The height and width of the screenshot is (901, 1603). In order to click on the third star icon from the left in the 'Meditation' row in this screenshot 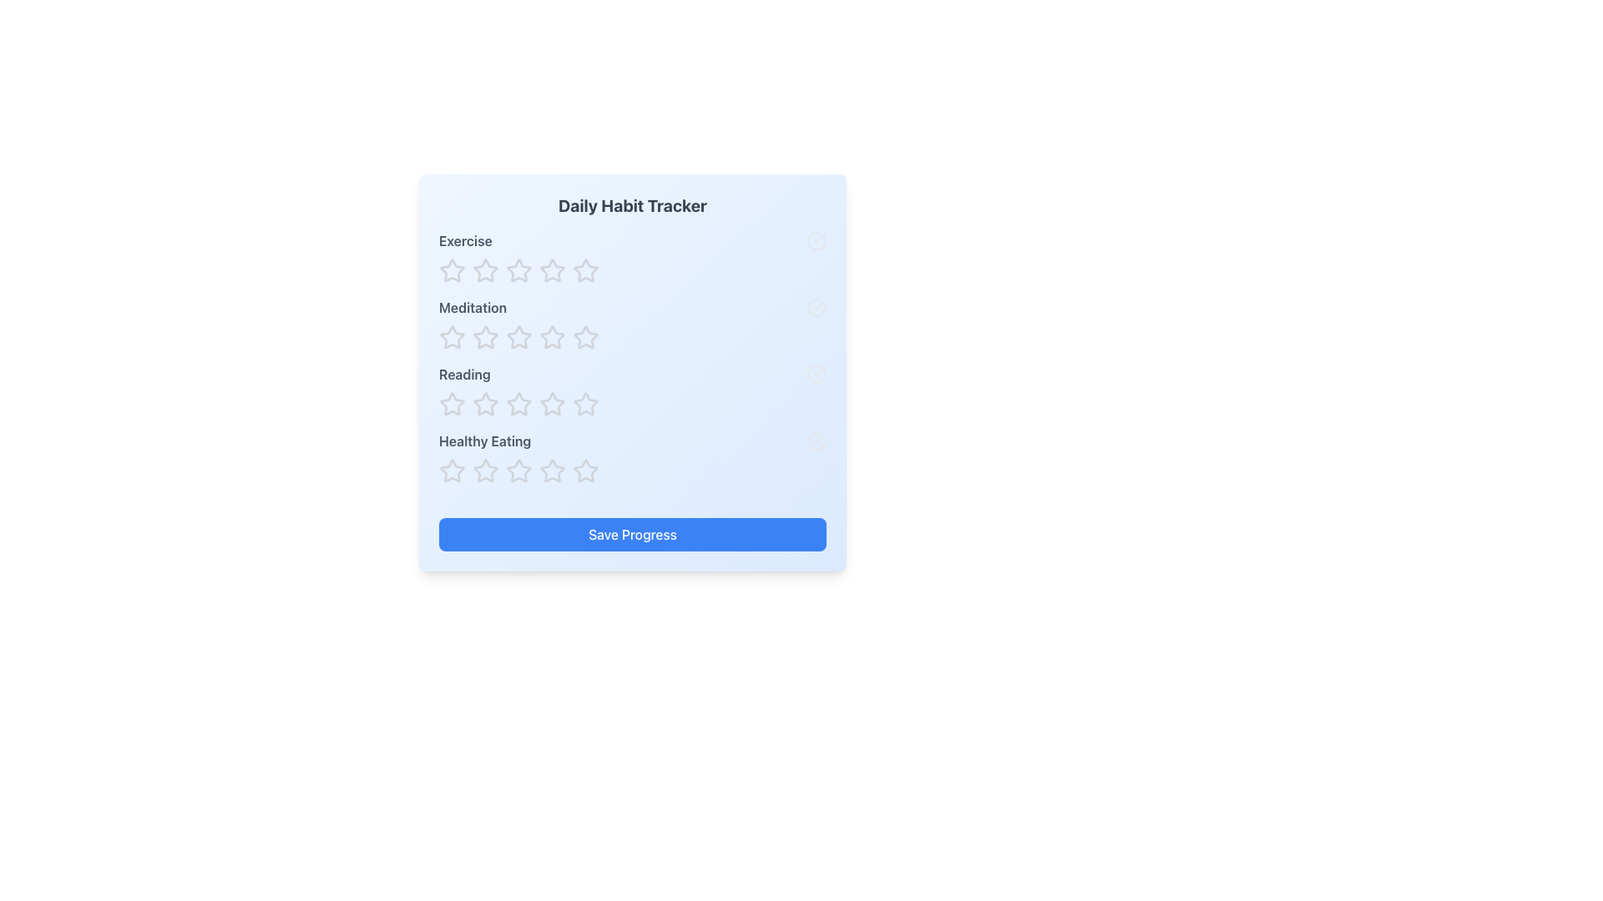, I will do `click(585, 337)`.